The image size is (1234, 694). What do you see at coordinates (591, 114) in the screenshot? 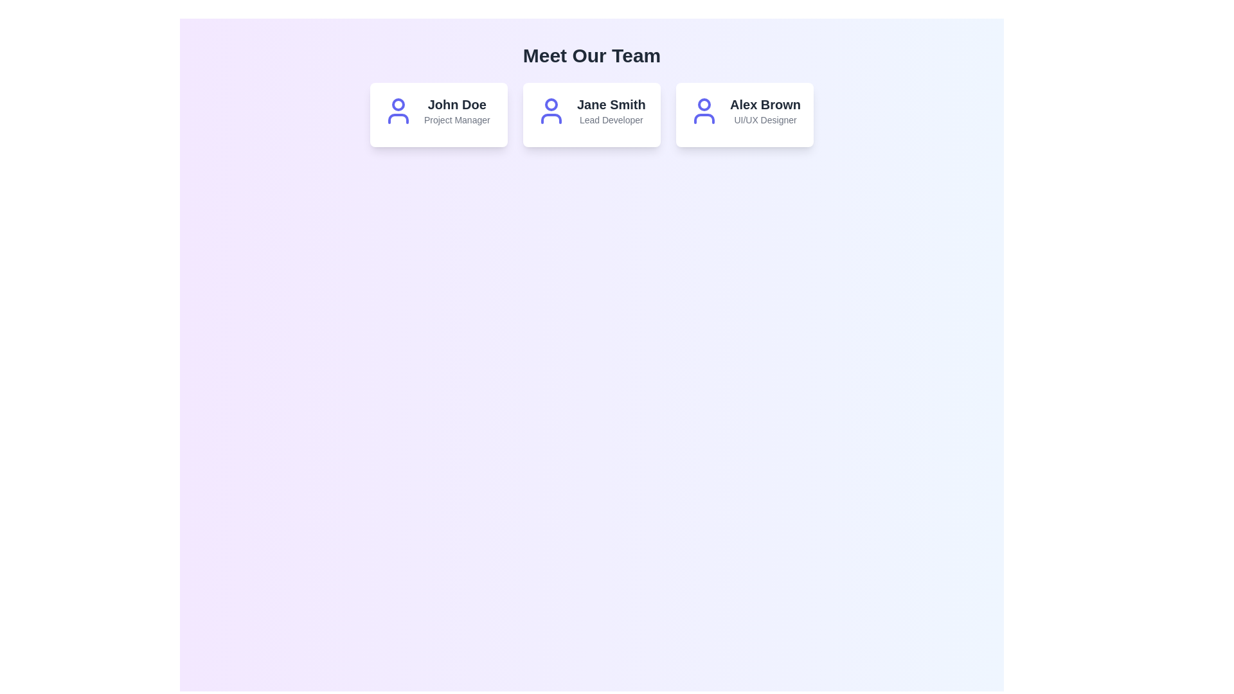
I see `the second profile card in the grid that provides the name and role of the individual, which is positioned between 'John Doe - Project Manager' and 'Alex Brown - UI/UX Designer', to potentially trigger a detailed view or link` at bounding box center [591, 114].